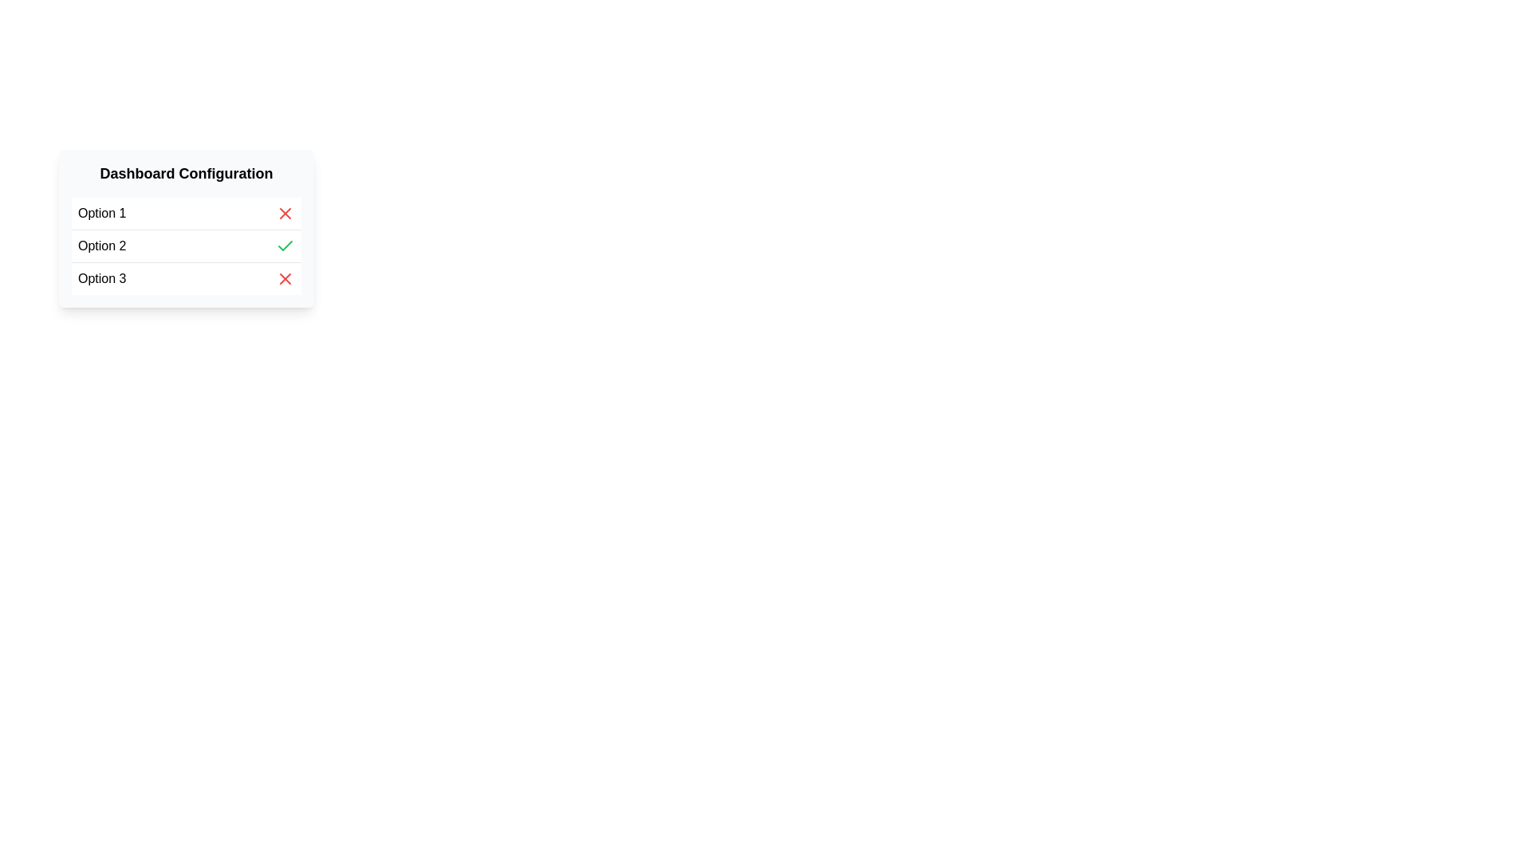 This screenshot has width=1531, height=861. What do you see at coordinates (285, 278) in the screenshot?
I see `the small red 'X' icon located to the right of the text 'Option 3'` at bounding box center [285, 278].